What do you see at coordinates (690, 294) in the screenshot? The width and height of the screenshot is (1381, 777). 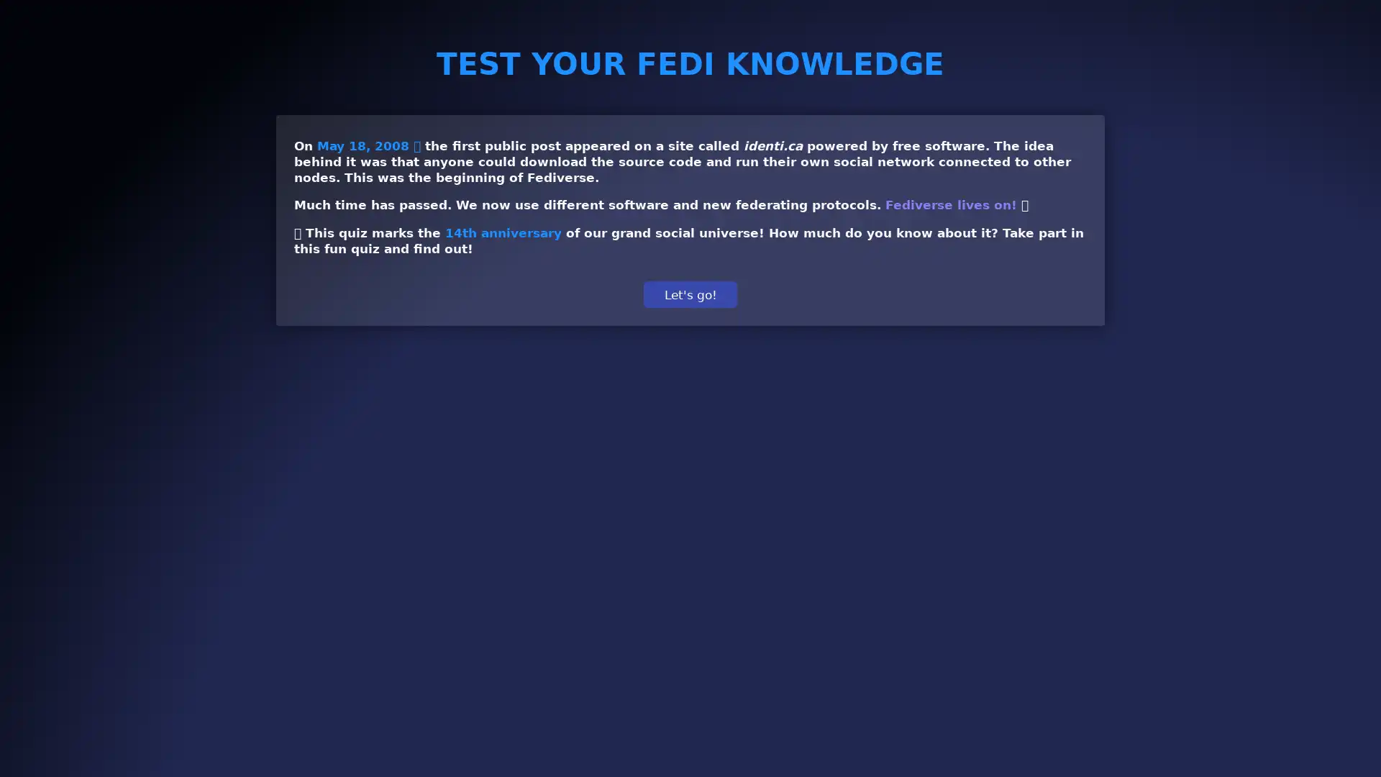 I see `Let's go!` at bounding box center [690, 294].